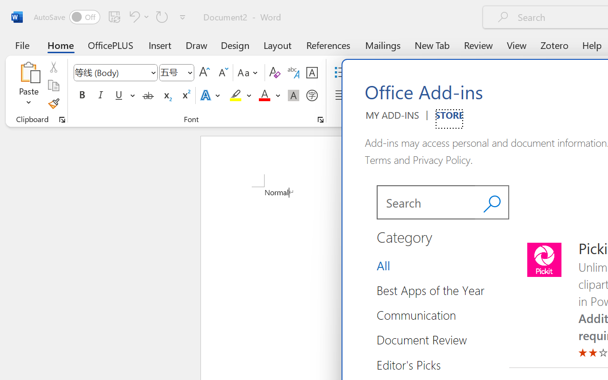 The height and width of the screenshot is (380, 608). What do you see at coordinates (293, 73) in the screenshot?
I see `'Phonetic Guide...'` at bounding box center [293, 73].